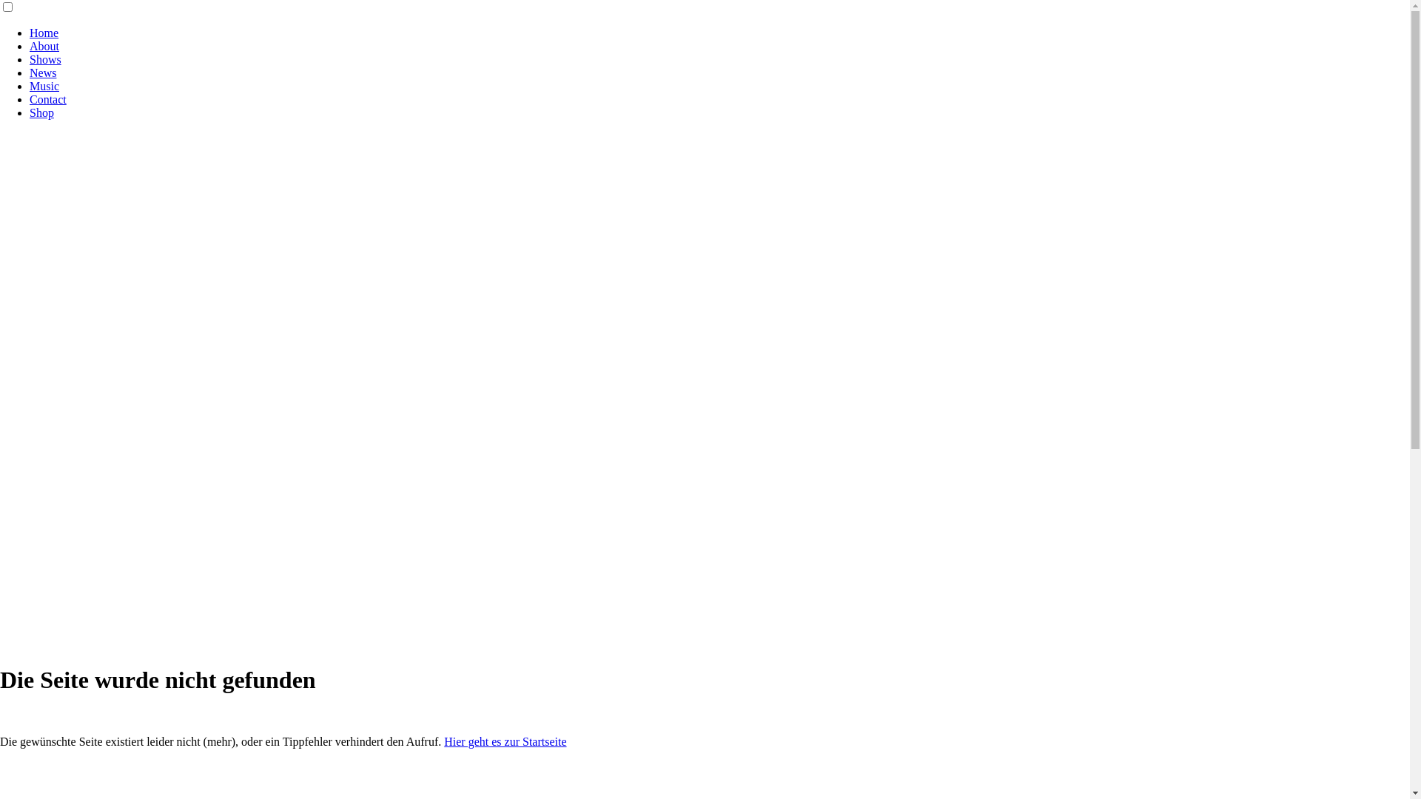  Describe the element at coordinates (45, 58) in the screenshot. I see `'Shows'` at that location.